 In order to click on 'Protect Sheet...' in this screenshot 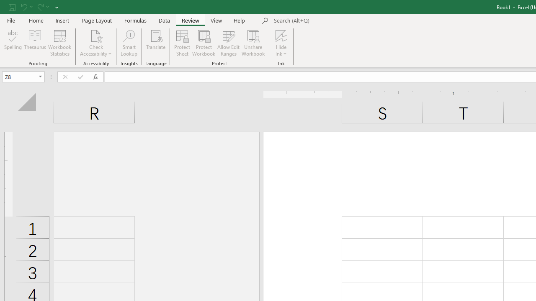, I will do `click(182, 43)`.